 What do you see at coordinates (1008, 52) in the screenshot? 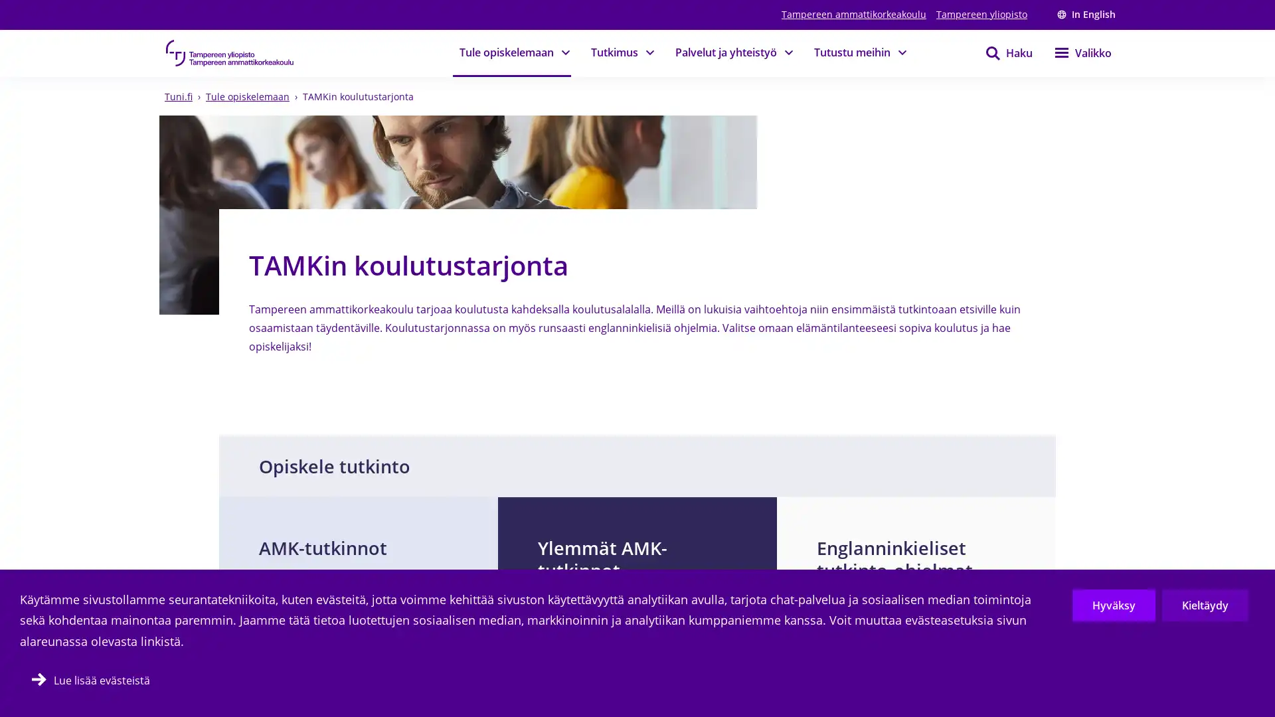
I see `Haku` at bounding box center [1008, 52].